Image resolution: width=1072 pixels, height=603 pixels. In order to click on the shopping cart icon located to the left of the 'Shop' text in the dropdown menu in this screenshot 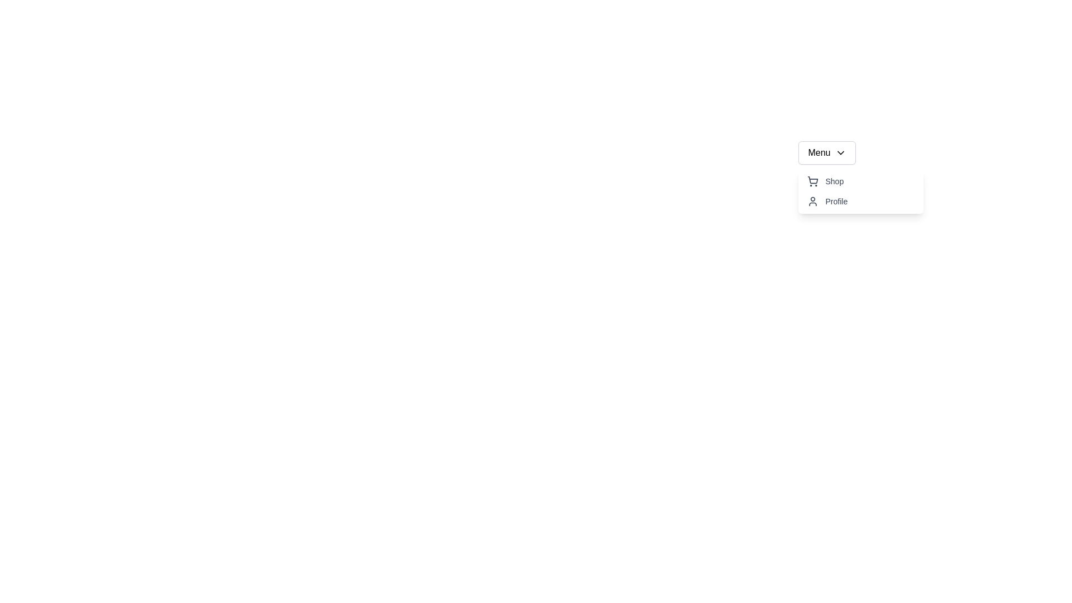, I will do `click(813, 180)`.